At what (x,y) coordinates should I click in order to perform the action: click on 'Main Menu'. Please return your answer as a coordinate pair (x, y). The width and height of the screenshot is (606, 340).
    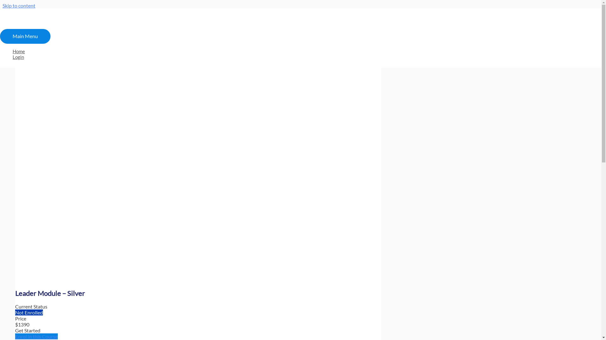
    Looking at the image, I should click on (25, 36).